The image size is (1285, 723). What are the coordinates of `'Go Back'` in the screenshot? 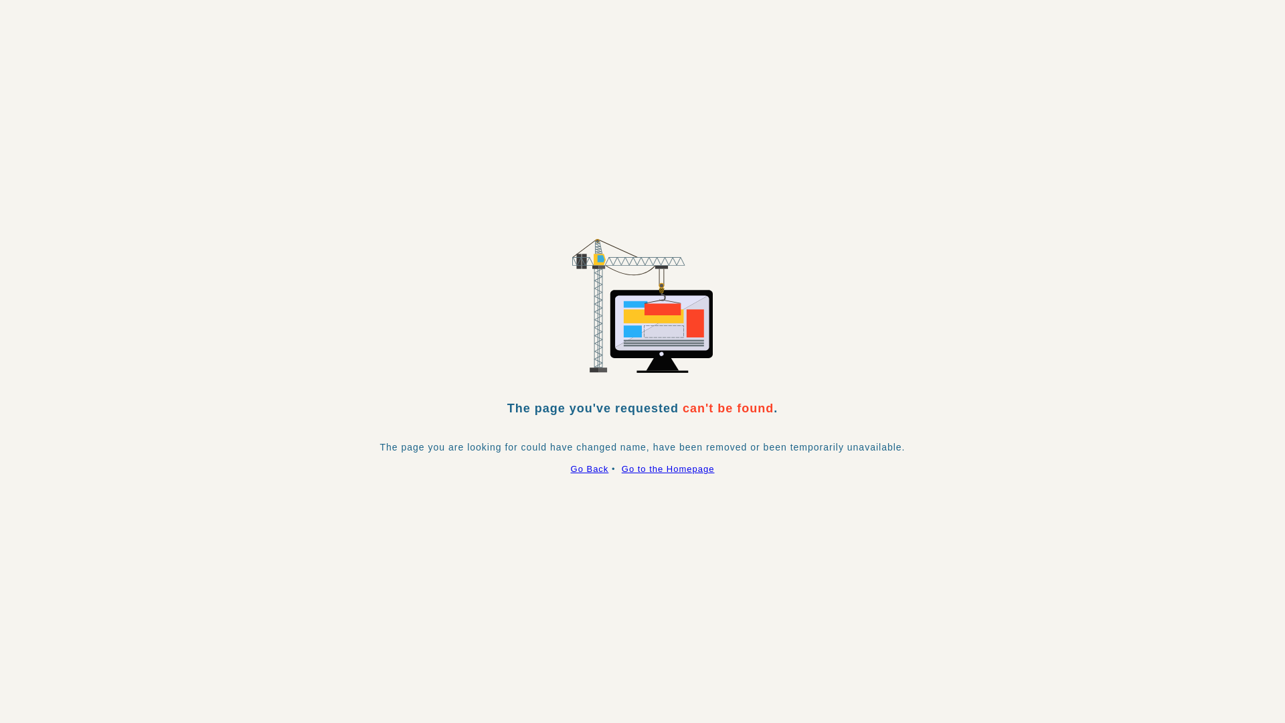 It's located at (589, 468).